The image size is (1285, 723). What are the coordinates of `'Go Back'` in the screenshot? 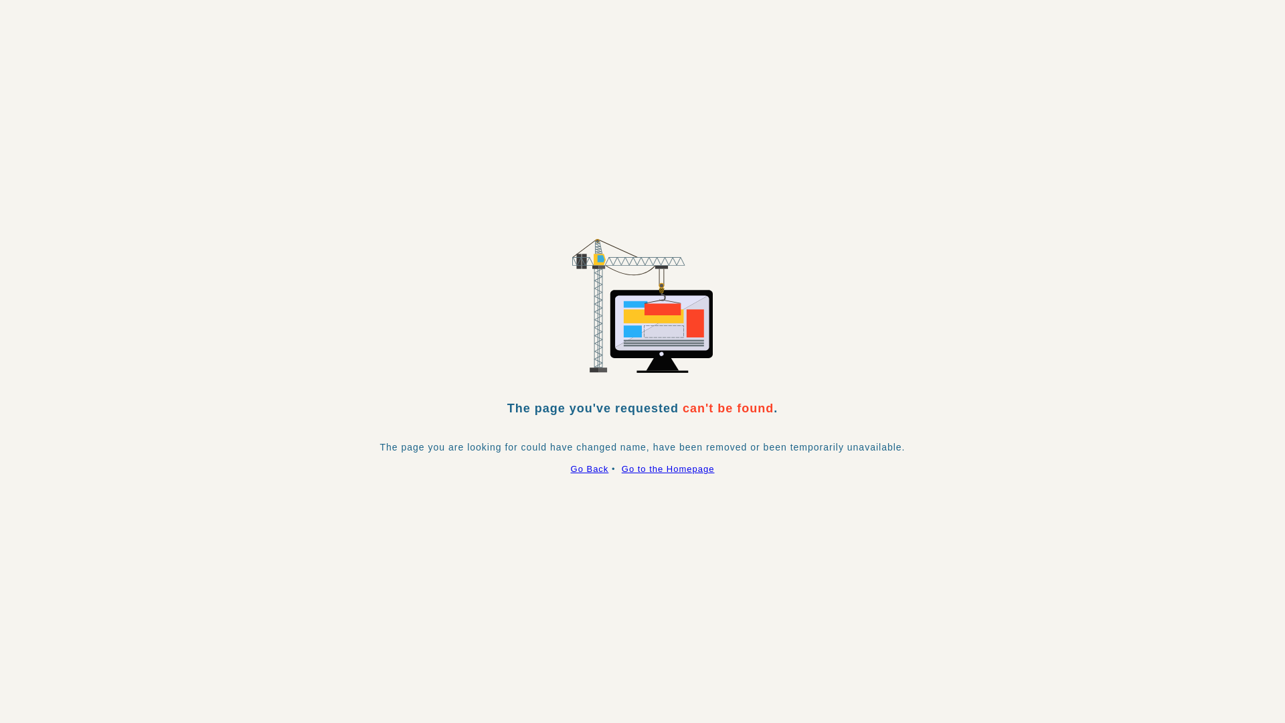 It's located at (589, 468).